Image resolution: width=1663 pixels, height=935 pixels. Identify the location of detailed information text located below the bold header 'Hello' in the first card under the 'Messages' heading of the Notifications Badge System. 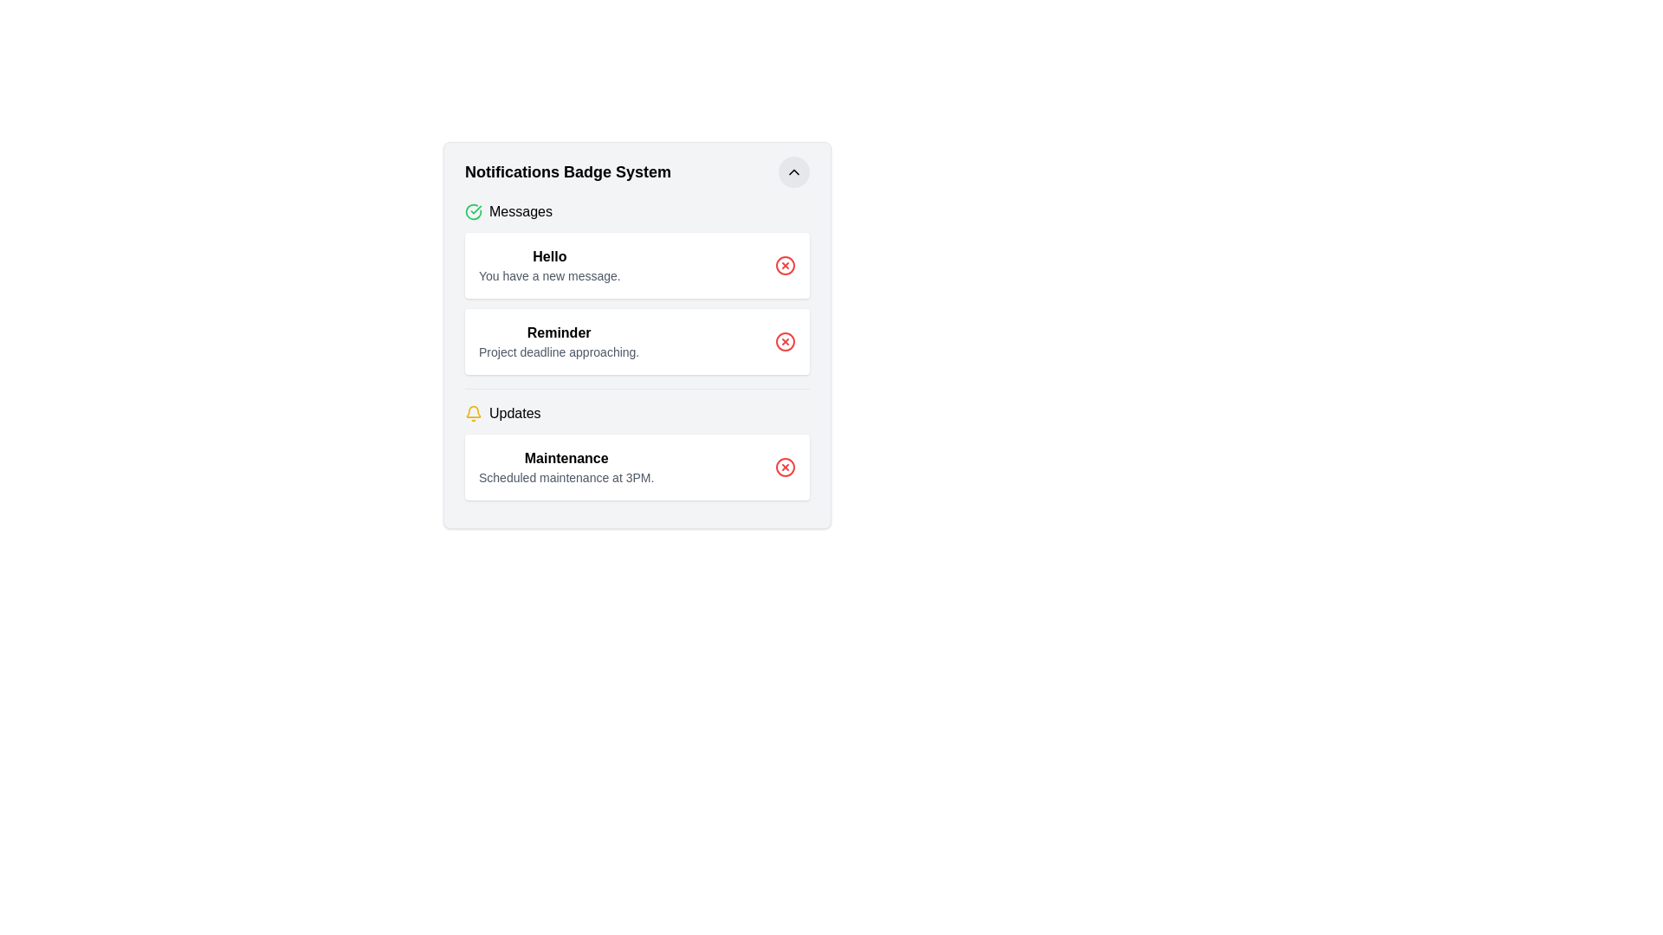
(548, 275).